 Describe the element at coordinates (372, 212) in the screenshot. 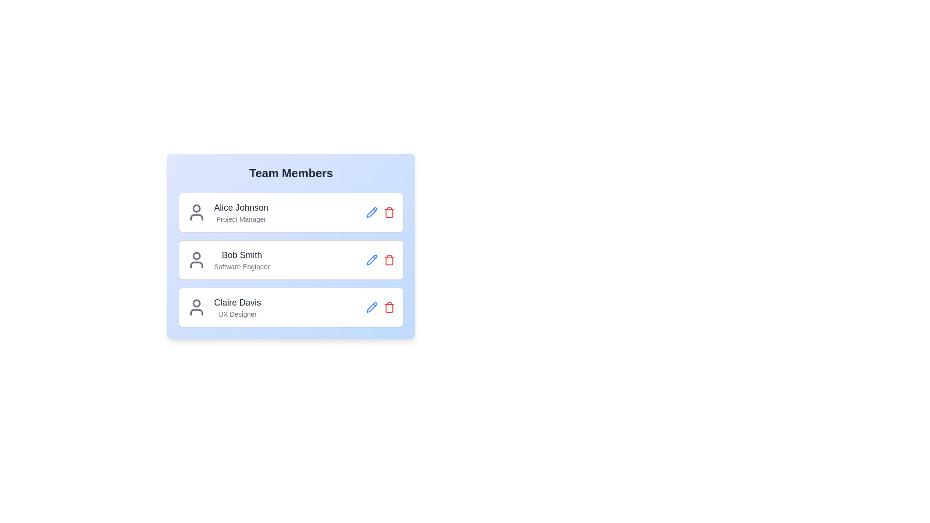

I see `edit button for the team member Alice Johnson` at that location.